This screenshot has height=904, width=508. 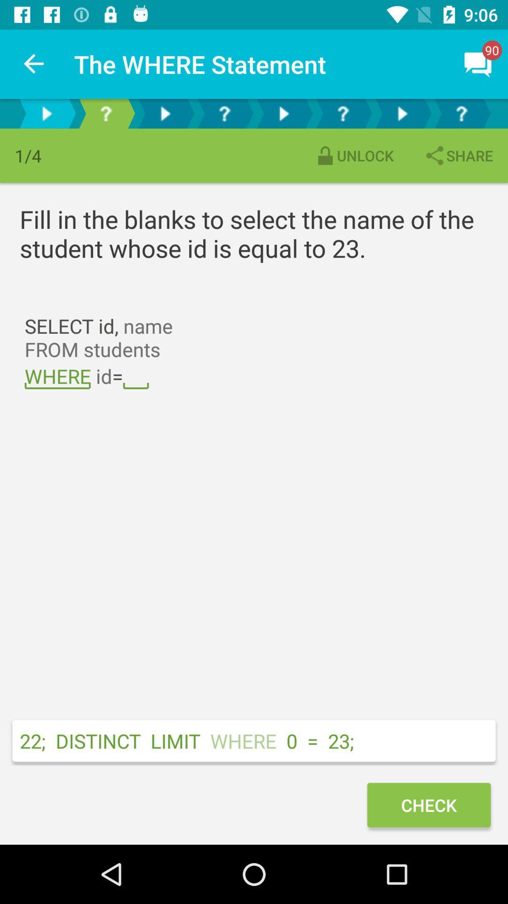 What do you see at coordinates (165, 113) in the screenshot?
I see `another question option` at bounding box center [165, 113].